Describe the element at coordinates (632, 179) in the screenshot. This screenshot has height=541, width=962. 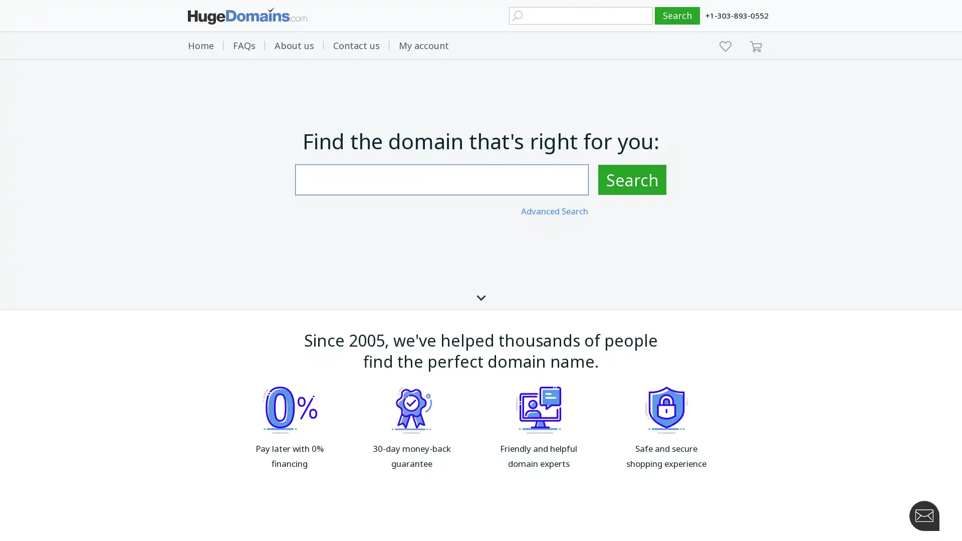
I see `Search` at that location.